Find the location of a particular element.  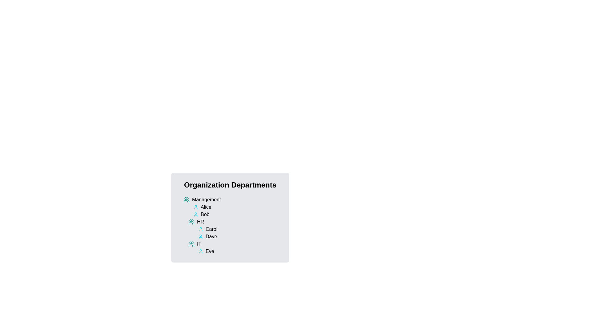

the 'Management' label with the teal icon representing a group of individuals is located at coordinates (232, 200).